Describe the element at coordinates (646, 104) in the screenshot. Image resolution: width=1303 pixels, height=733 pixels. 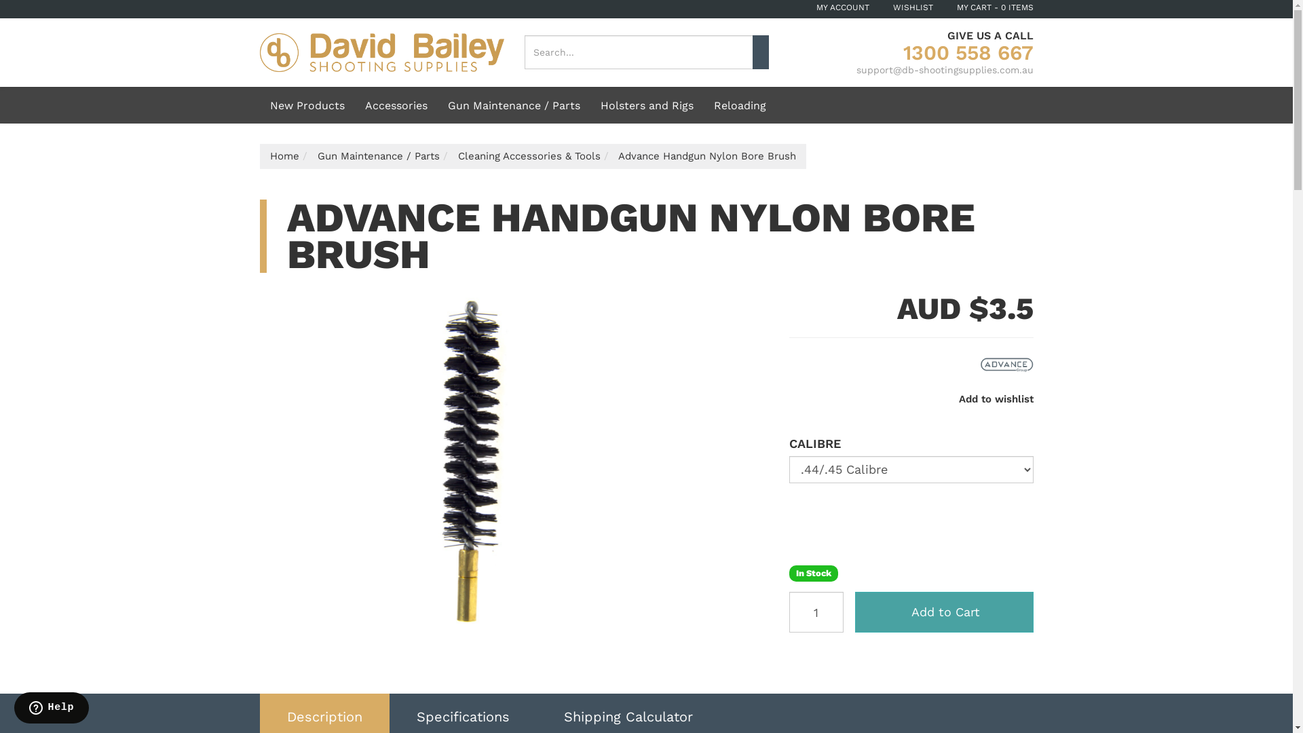
I see `'Holsters and Rigs'` at that location.